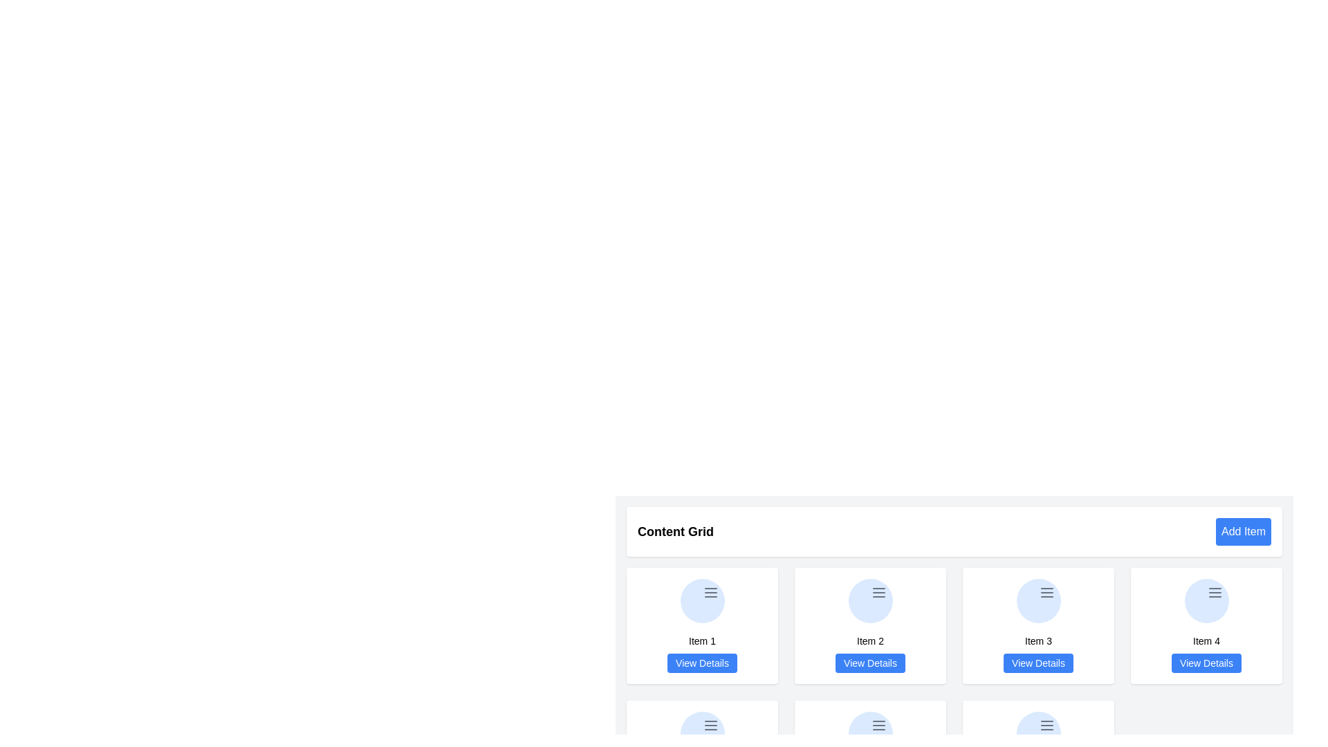 This screenshot has width=1328, height=747. What do you see at coordinates (702, 663) in the screenshot?
I see `the 'View Details' button, which is a blue rectangular button with rounded corners located at the bottom of the 'Item 1' card` at bounding box center [702, 663].